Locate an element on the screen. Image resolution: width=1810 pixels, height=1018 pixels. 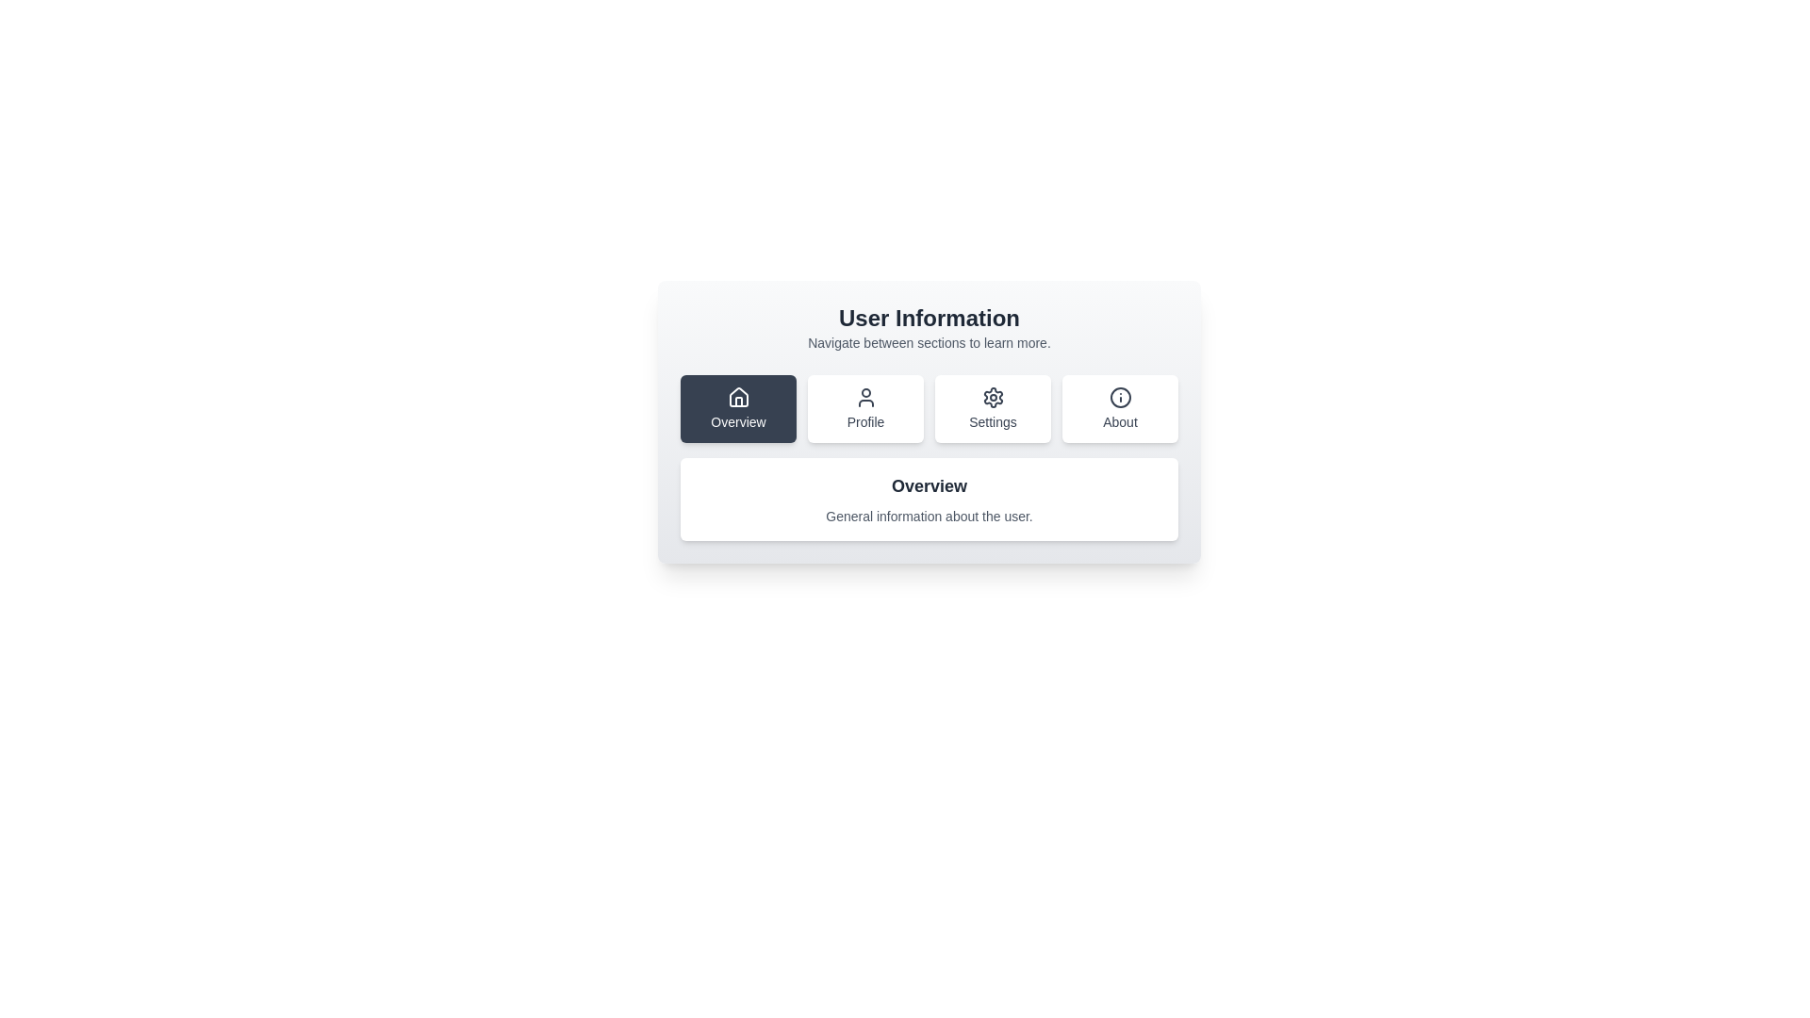
any navigation button within the 'User Information' section is located at coordinates (929, 420).